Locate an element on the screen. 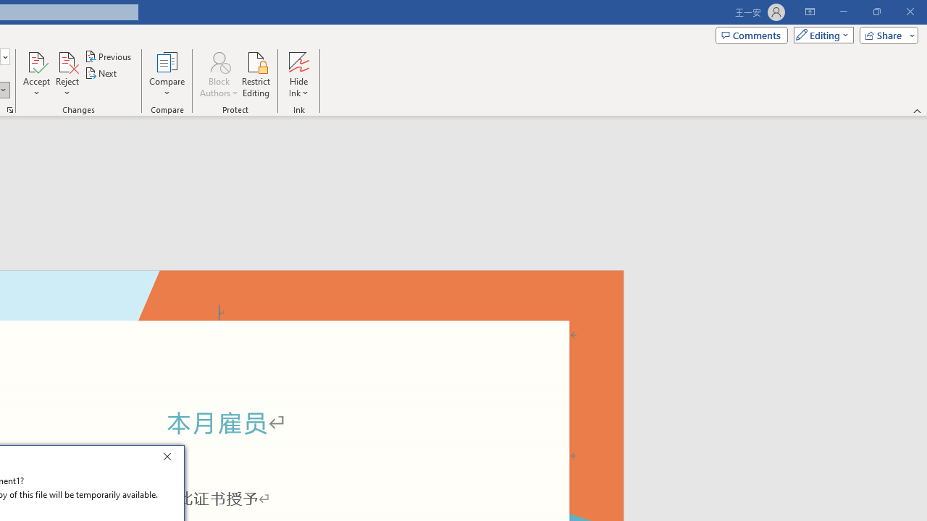 This screenshot has width=927, height=521. 'Mode' is located at coordinates (821, 34).